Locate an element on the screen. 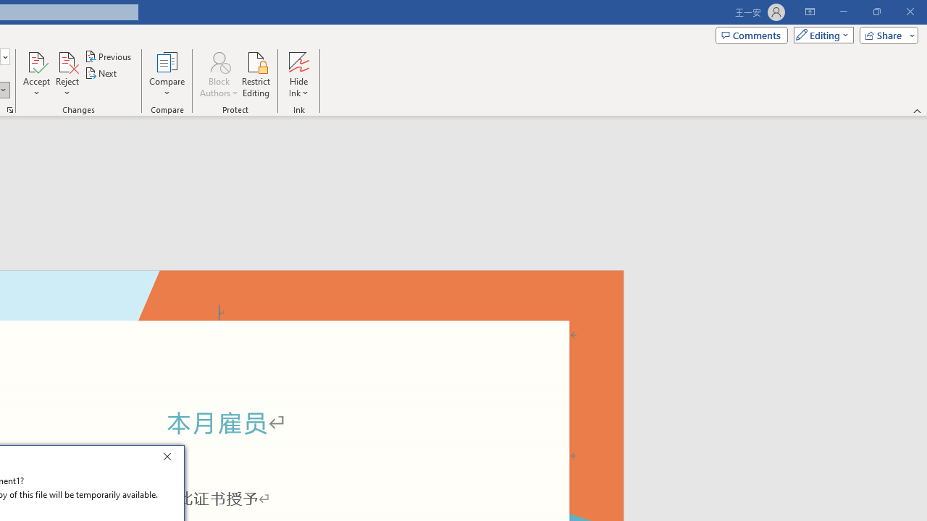 This screenshot has width=927, height=521. 'Mode' is located at coordinates (821, 34).